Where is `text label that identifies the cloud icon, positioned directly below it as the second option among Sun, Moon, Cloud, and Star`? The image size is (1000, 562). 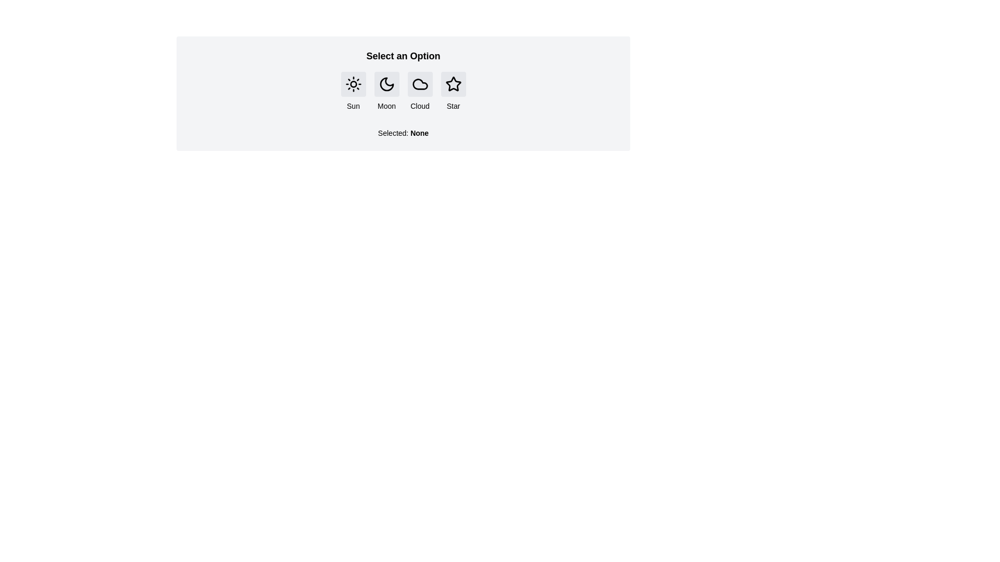 text label that identifies the cloud icon, positioned directly below it as the second option among Sun, Moon, Cloud, and Star is located at coordinates (420, 106).